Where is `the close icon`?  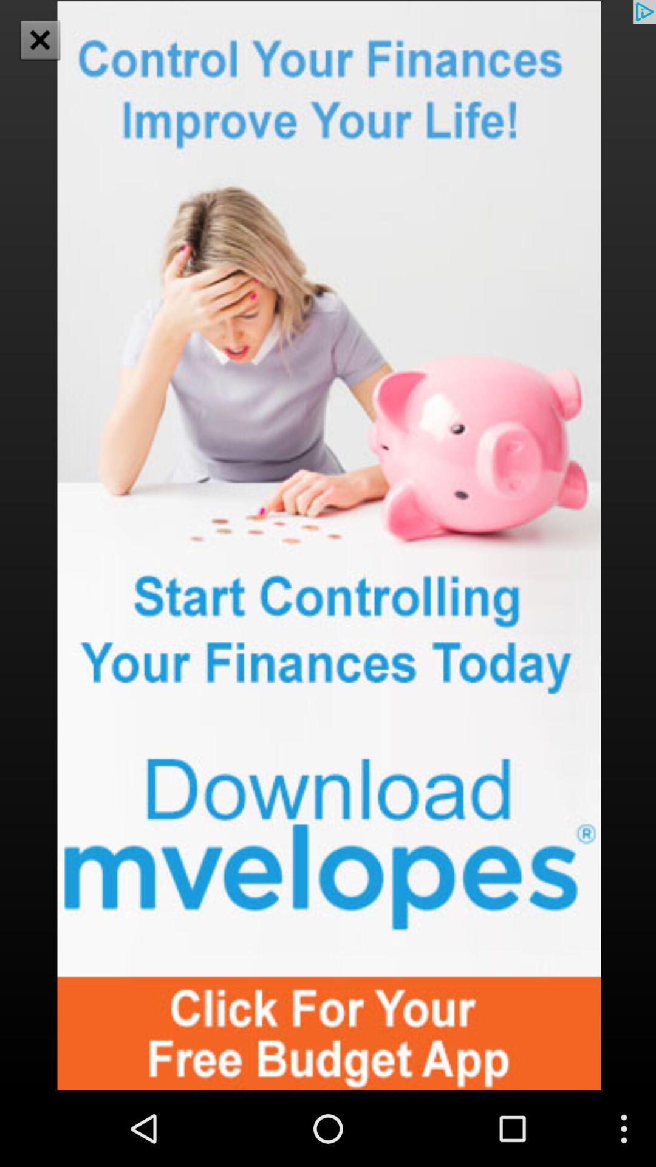 the close icon is located at coordinates (55, 59).